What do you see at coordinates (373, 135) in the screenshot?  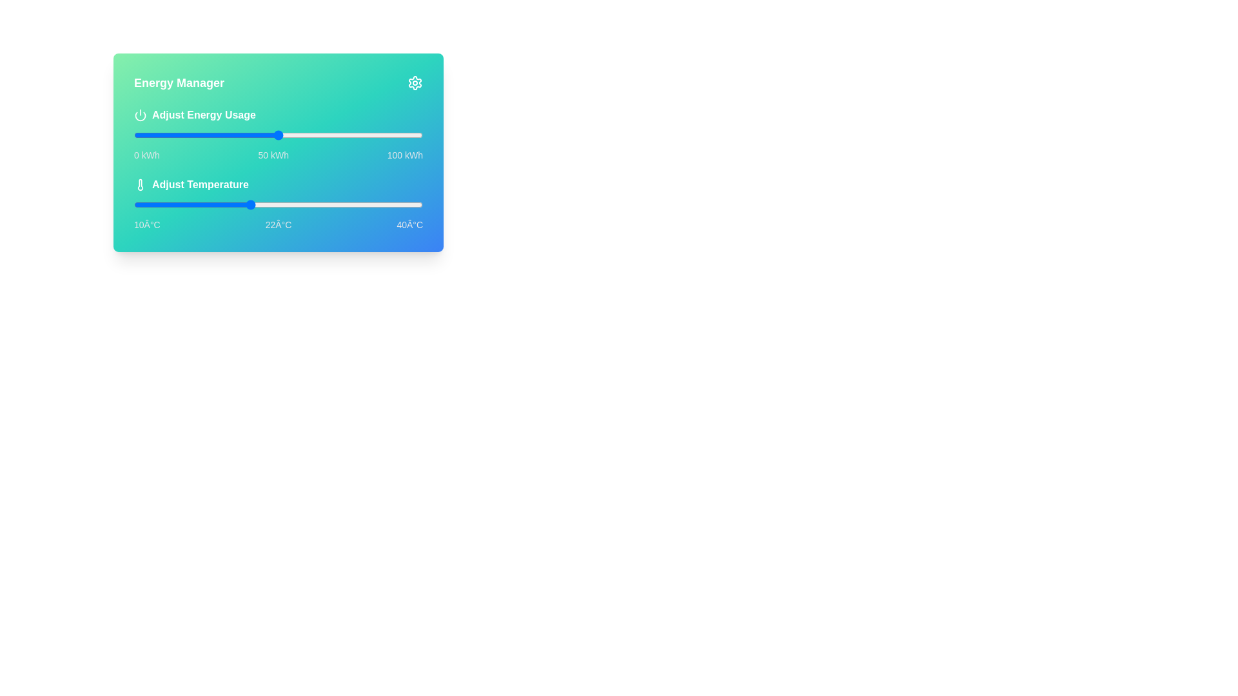 I see `the energy usage slider to 83 kWh` at bounding box center [373, 135].